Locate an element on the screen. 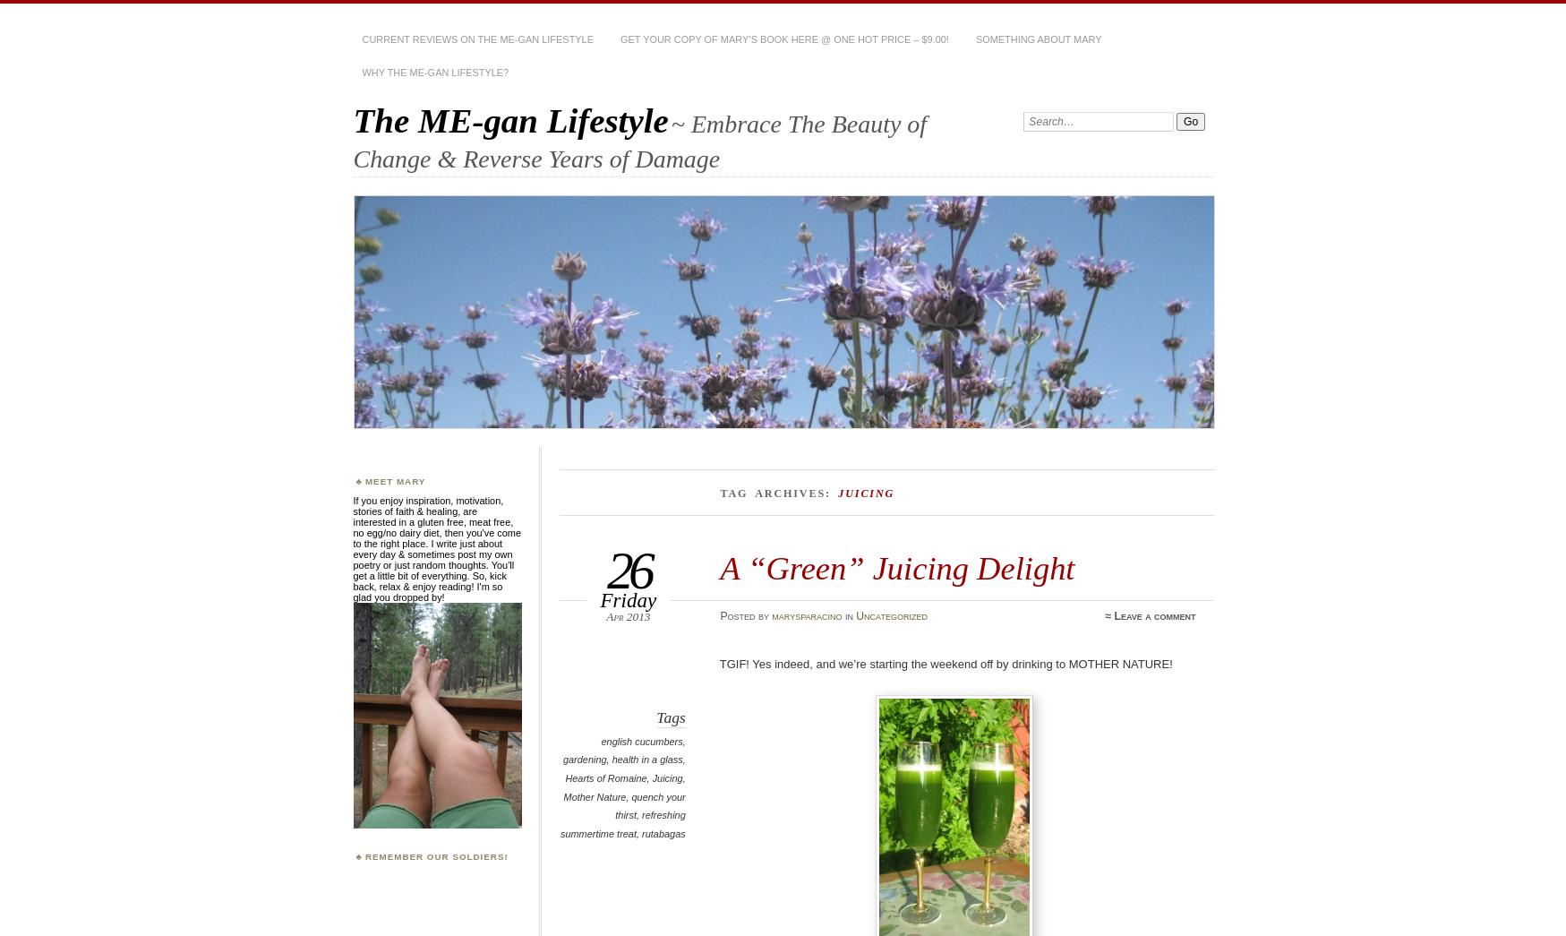  'A “Green” Juicing Delight' is located at coordinates (896, 567).